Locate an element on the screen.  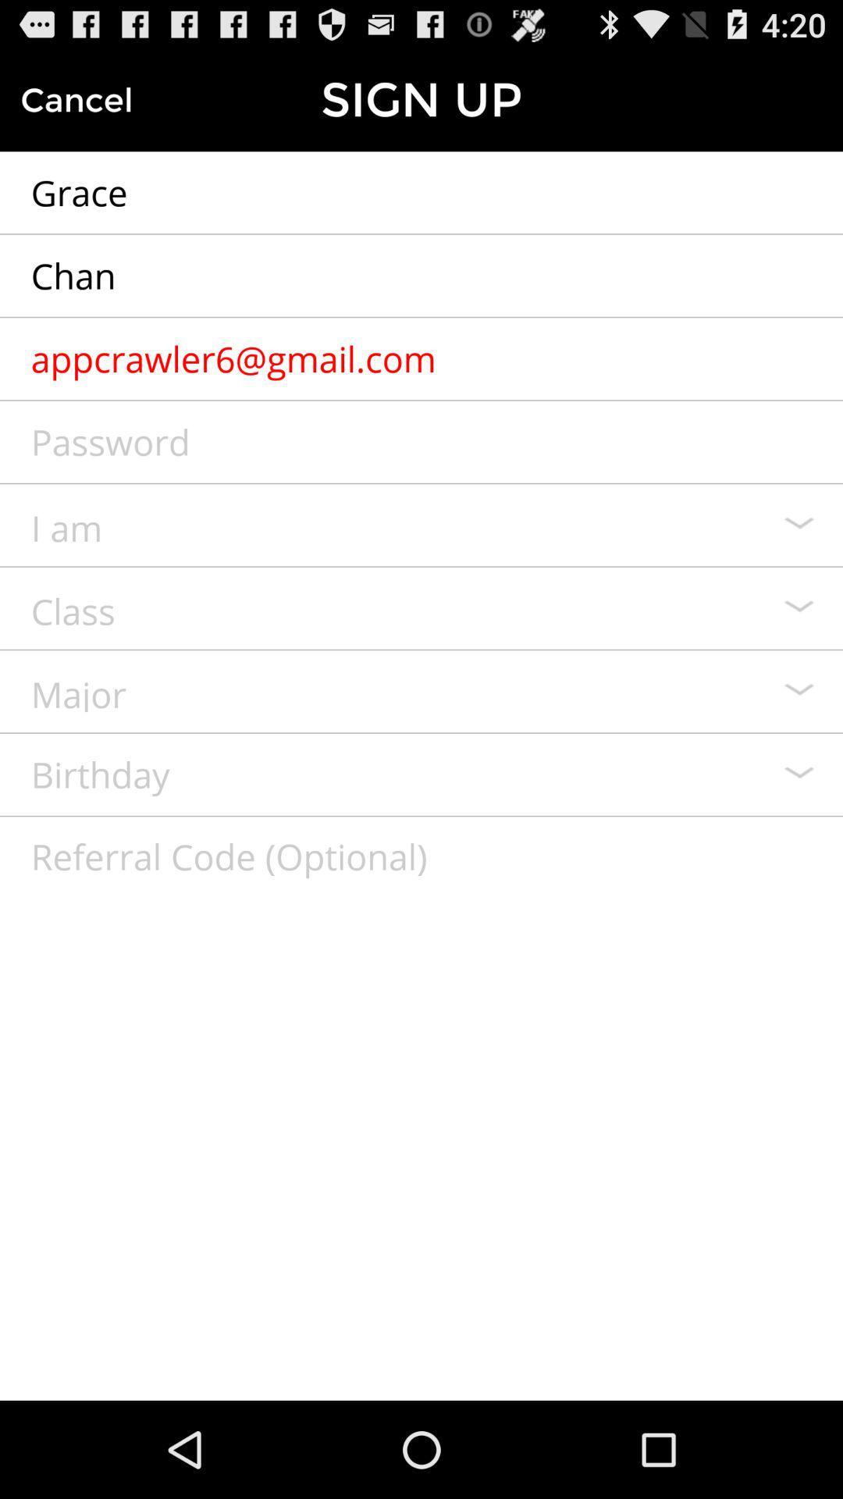
birthday file in sign up form is located at coordinates (421, 774).